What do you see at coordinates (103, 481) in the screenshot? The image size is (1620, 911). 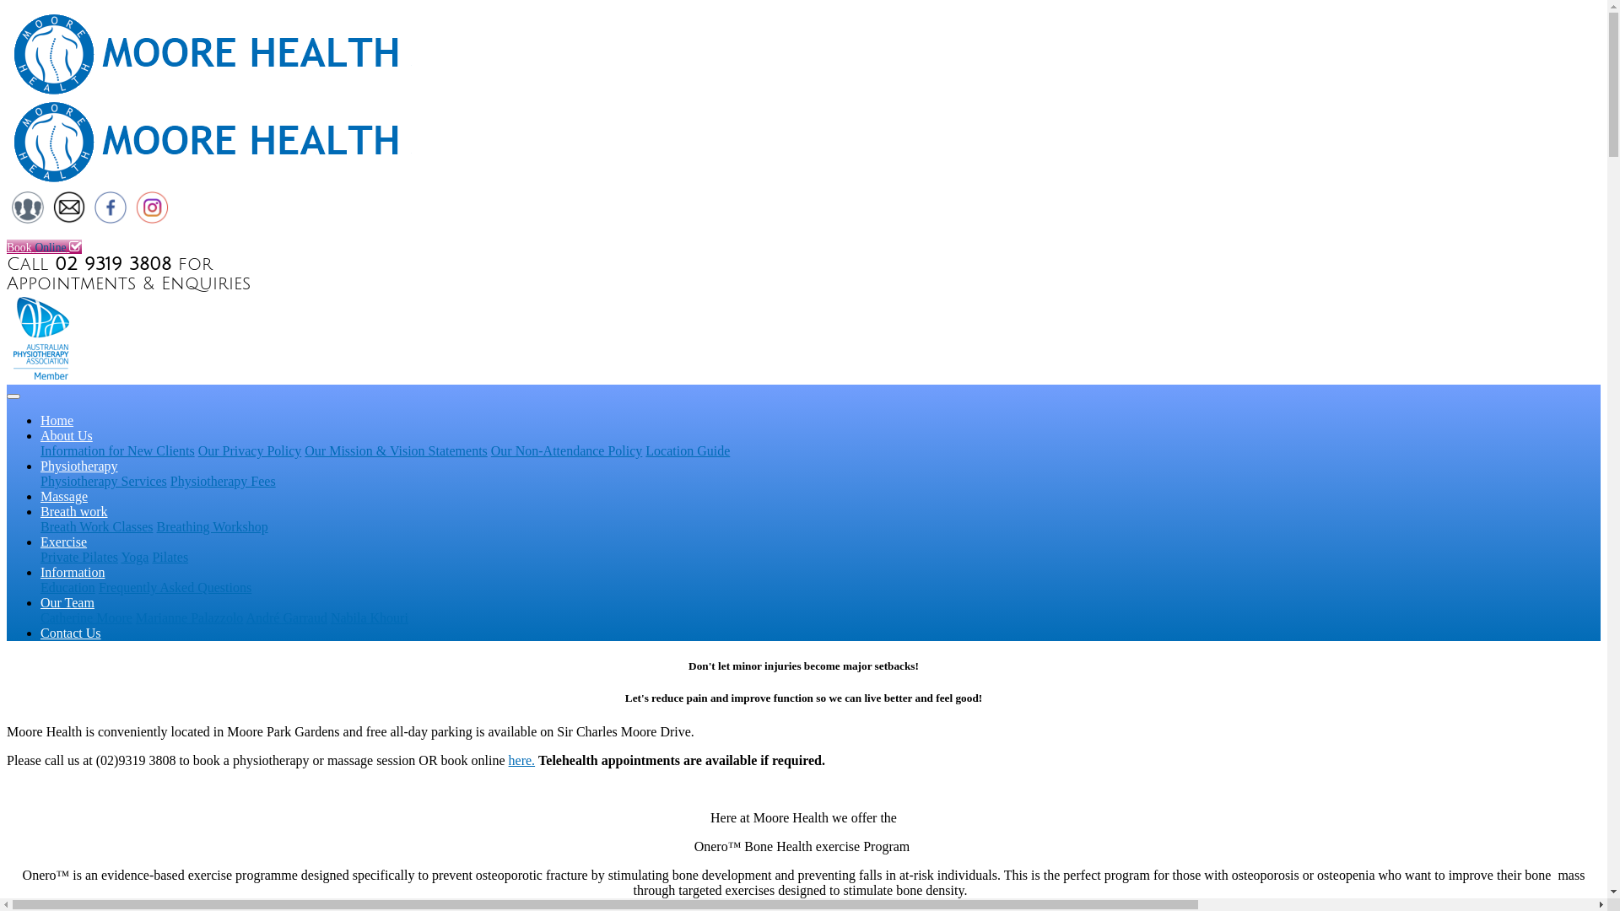 I see `'Physiotherapy Services'` at bounding box center [103, 481].